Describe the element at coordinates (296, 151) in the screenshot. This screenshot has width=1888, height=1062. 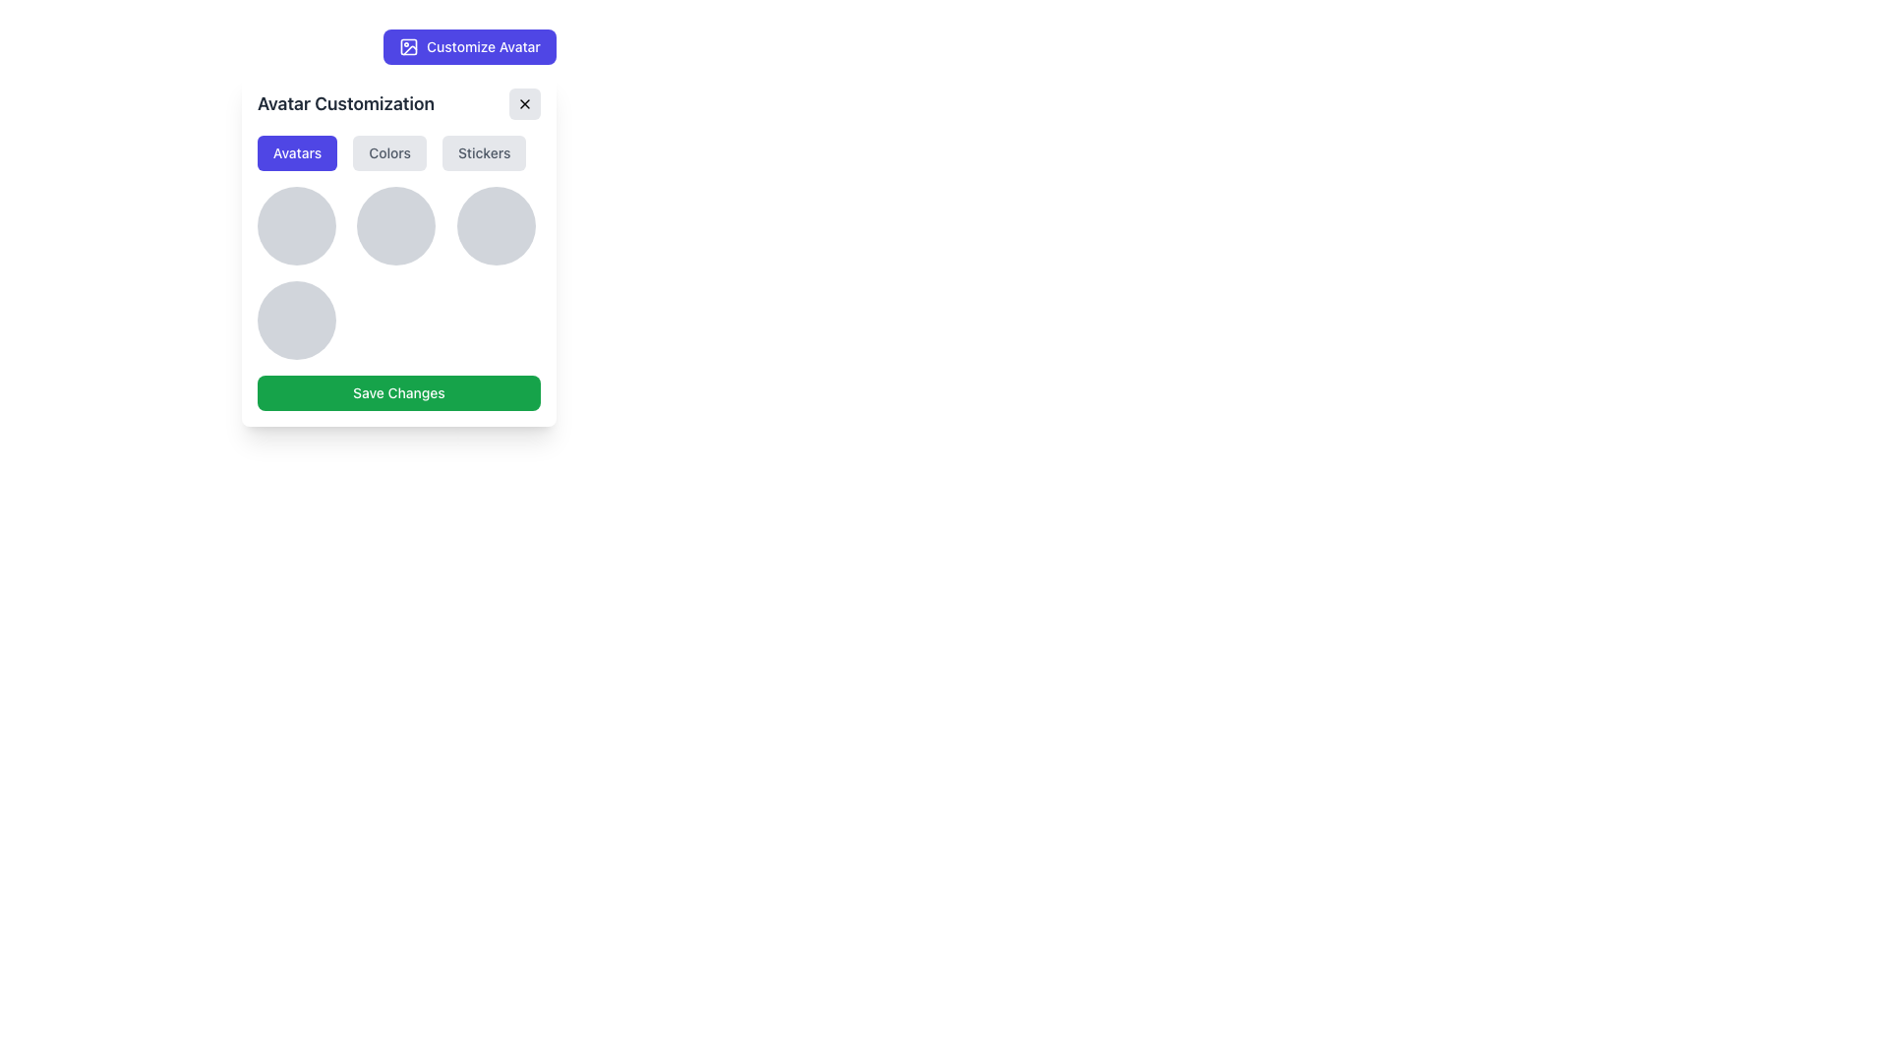
I see `the 'Avatars' button located in the top-left position of the customization modal` at that location.